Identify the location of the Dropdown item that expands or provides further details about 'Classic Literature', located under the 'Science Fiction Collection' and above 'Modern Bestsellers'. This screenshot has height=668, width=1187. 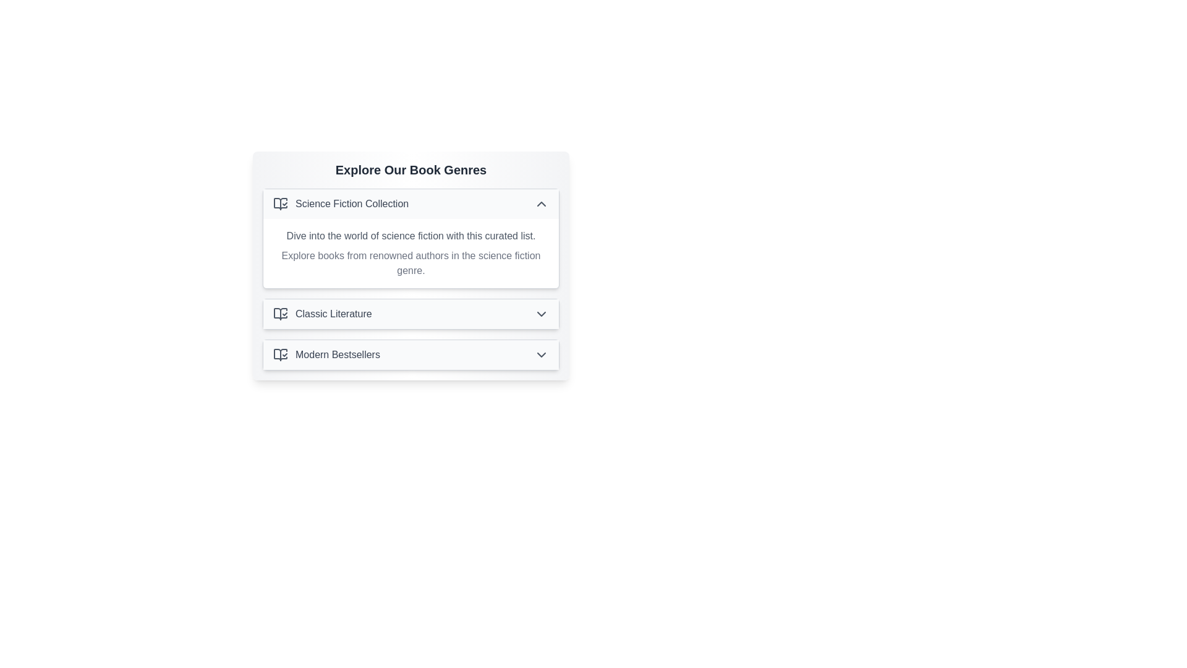
(411, 314).